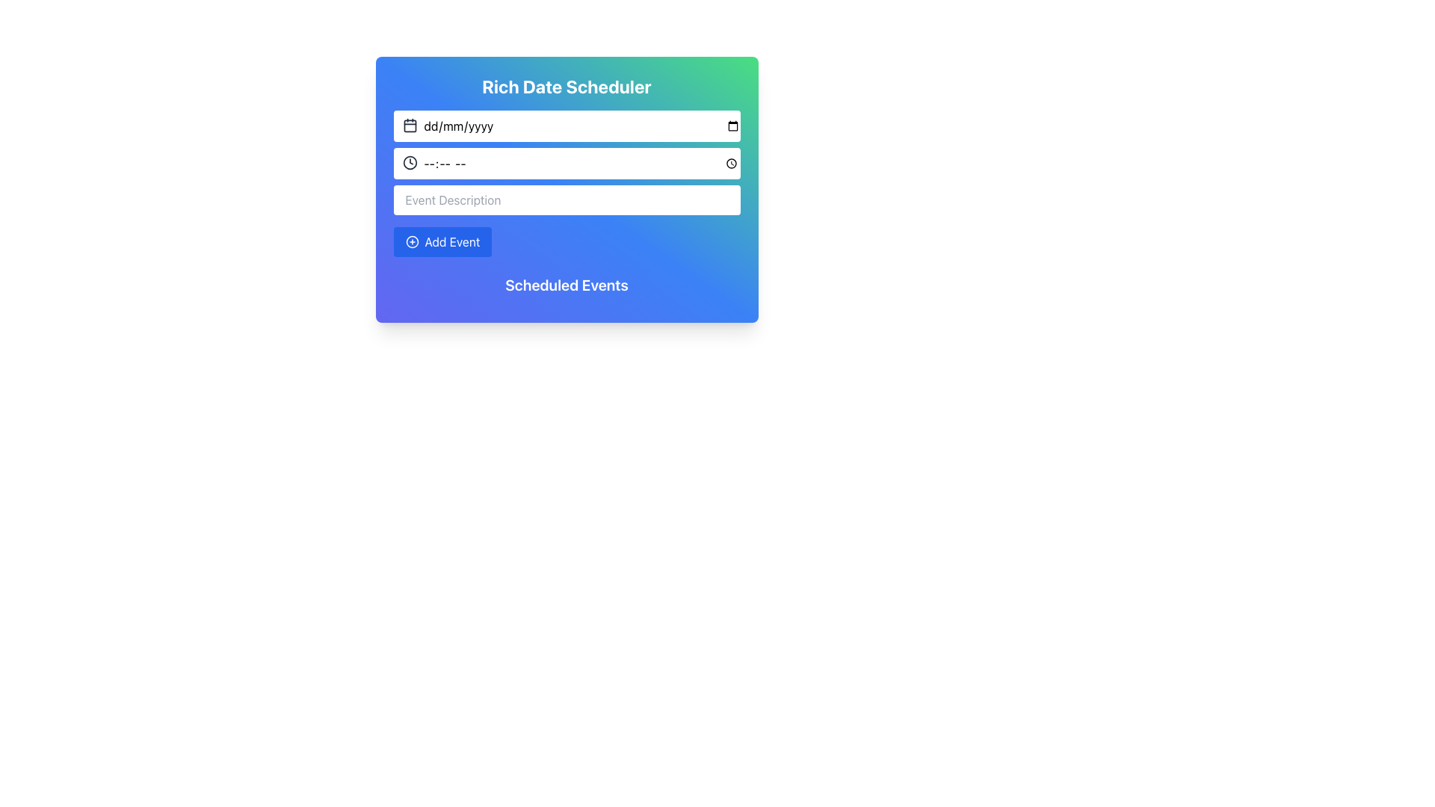 The height and width of the screenshot is (807, 1435). What do you see at coordinates (410, 125) in the screenshot?
I see `the SVG rectangle with rounded corners that represents the calendar icon, located to the left of the first input field within the 'Rich Date Scheduler' card` at bounding box center [410, 125].